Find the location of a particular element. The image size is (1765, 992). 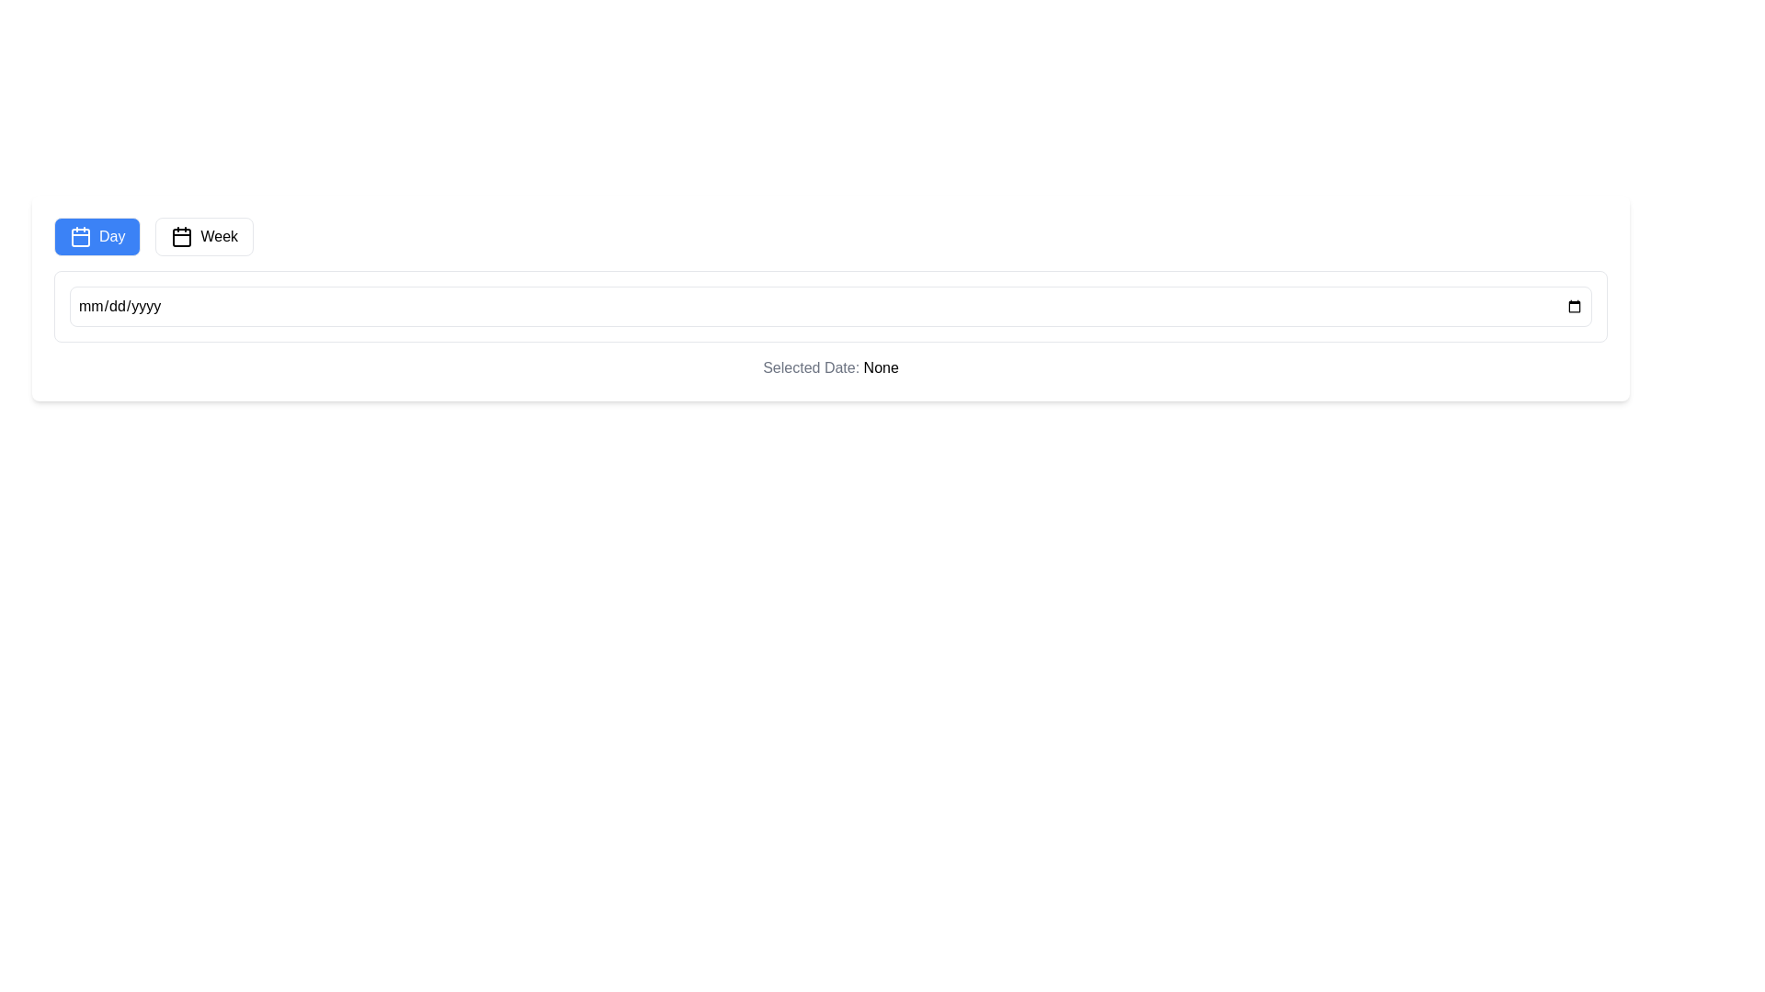

the button labeled 'Day' which is styled with a blue background and white text, located in the top-left corner of the interface is located at coordinates (110, 236).